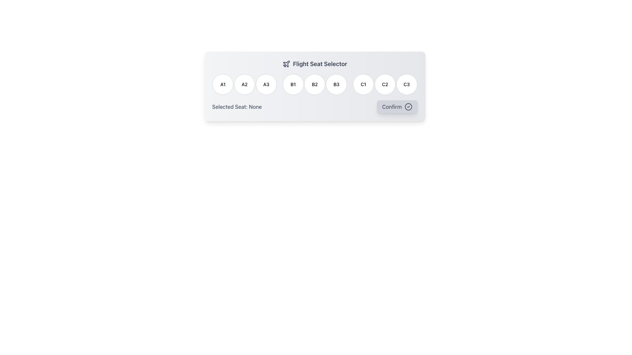 This screenshot has width=632, height=355. What do you see at coordinates (266, 84) in the screenshot?
I see `the button labeled 'A3'` at bounding box center [266, 84].